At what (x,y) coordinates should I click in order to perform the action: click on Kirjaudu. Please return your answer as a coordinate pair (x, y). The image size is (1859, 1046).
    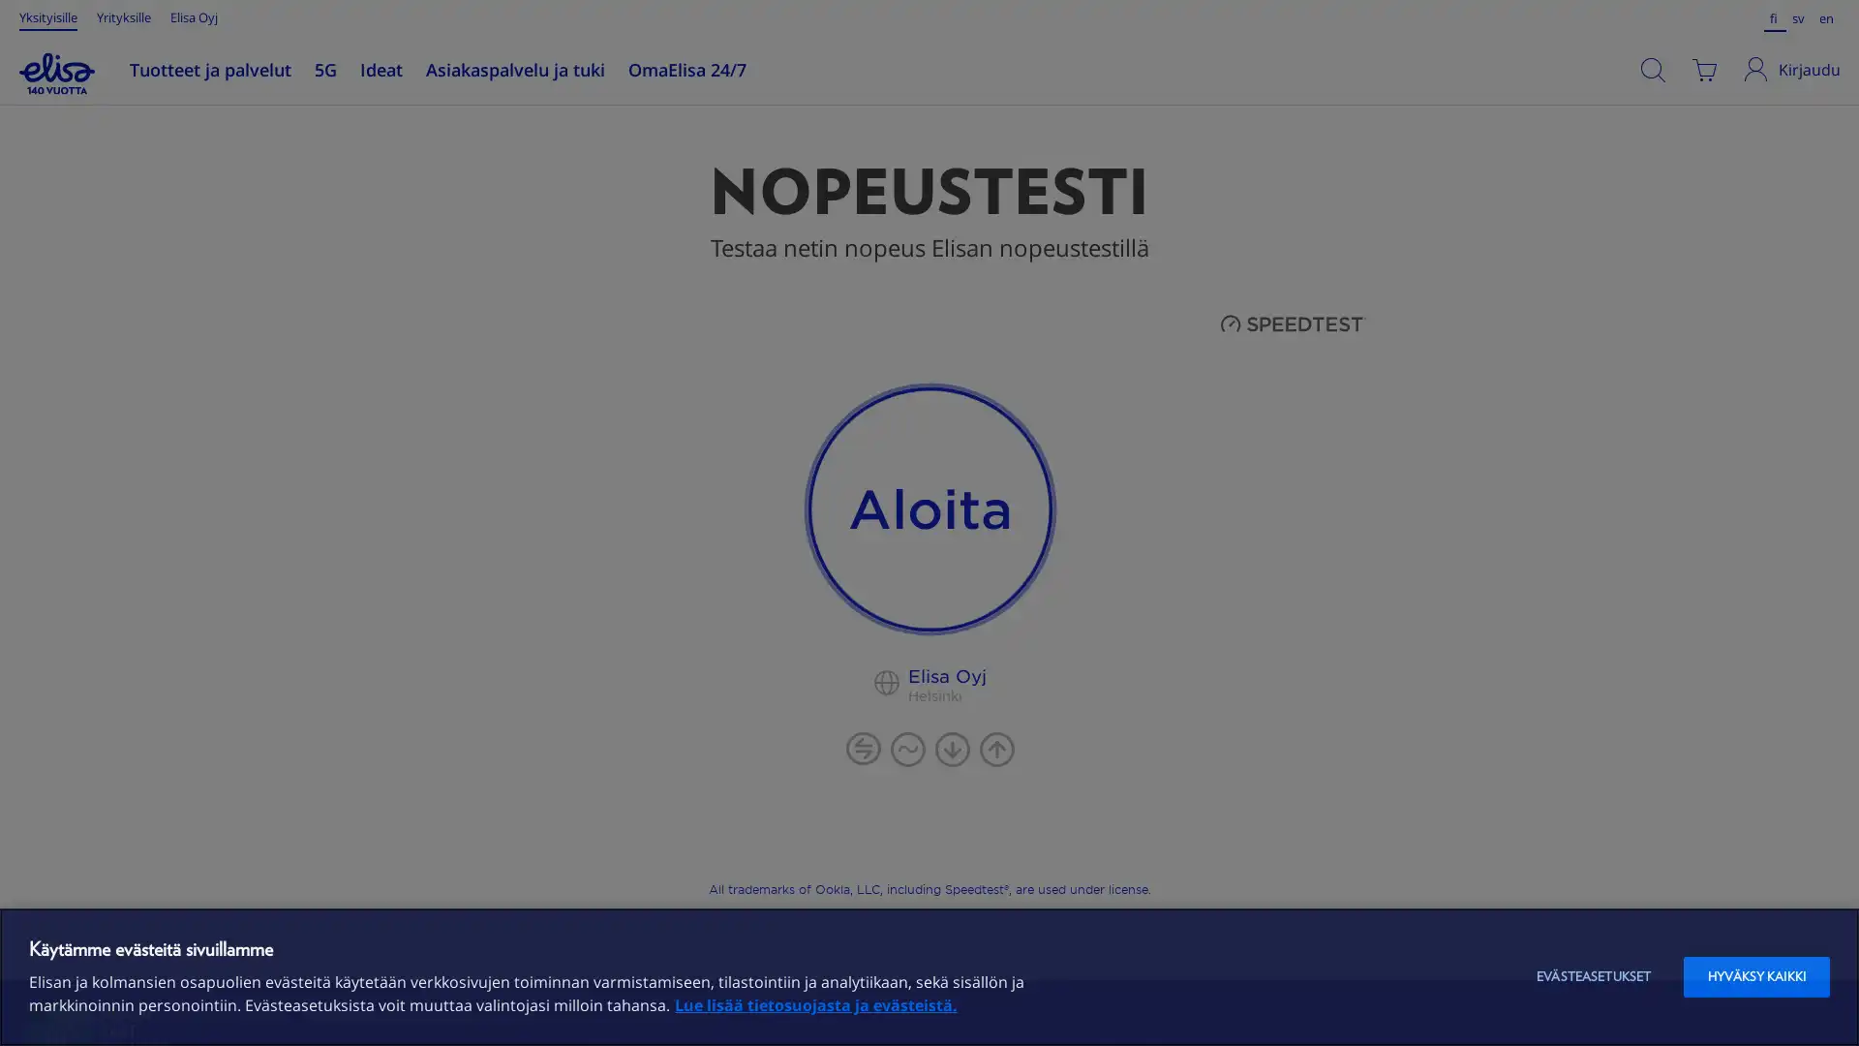
    Looking at the image, I should click on (1793, 69).